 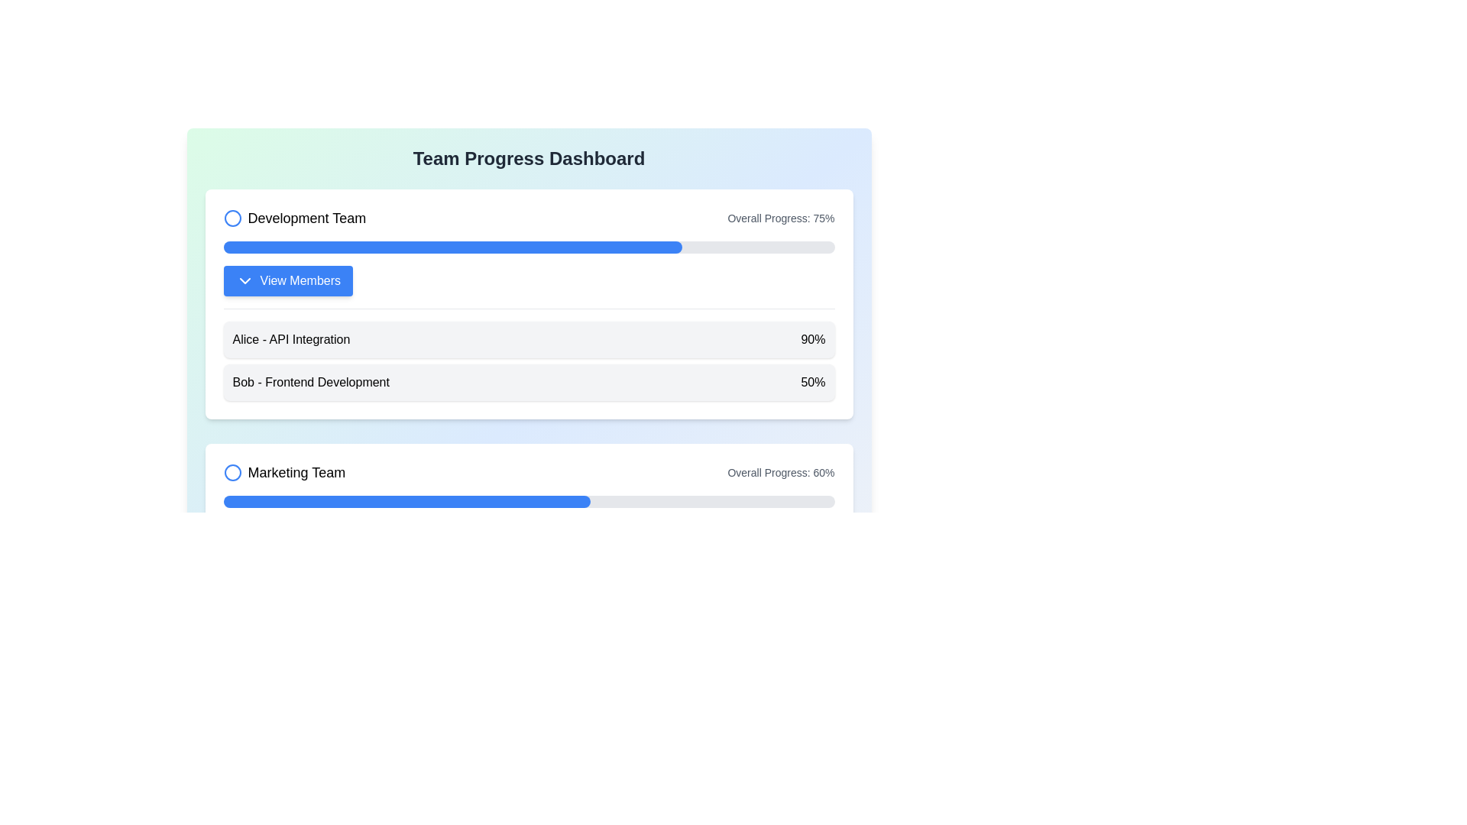 I want to click on text of the 'Development Team' label located above the progress bar on the dashboard, adjacent to a blue circular icon, so click(x=306, y=218).